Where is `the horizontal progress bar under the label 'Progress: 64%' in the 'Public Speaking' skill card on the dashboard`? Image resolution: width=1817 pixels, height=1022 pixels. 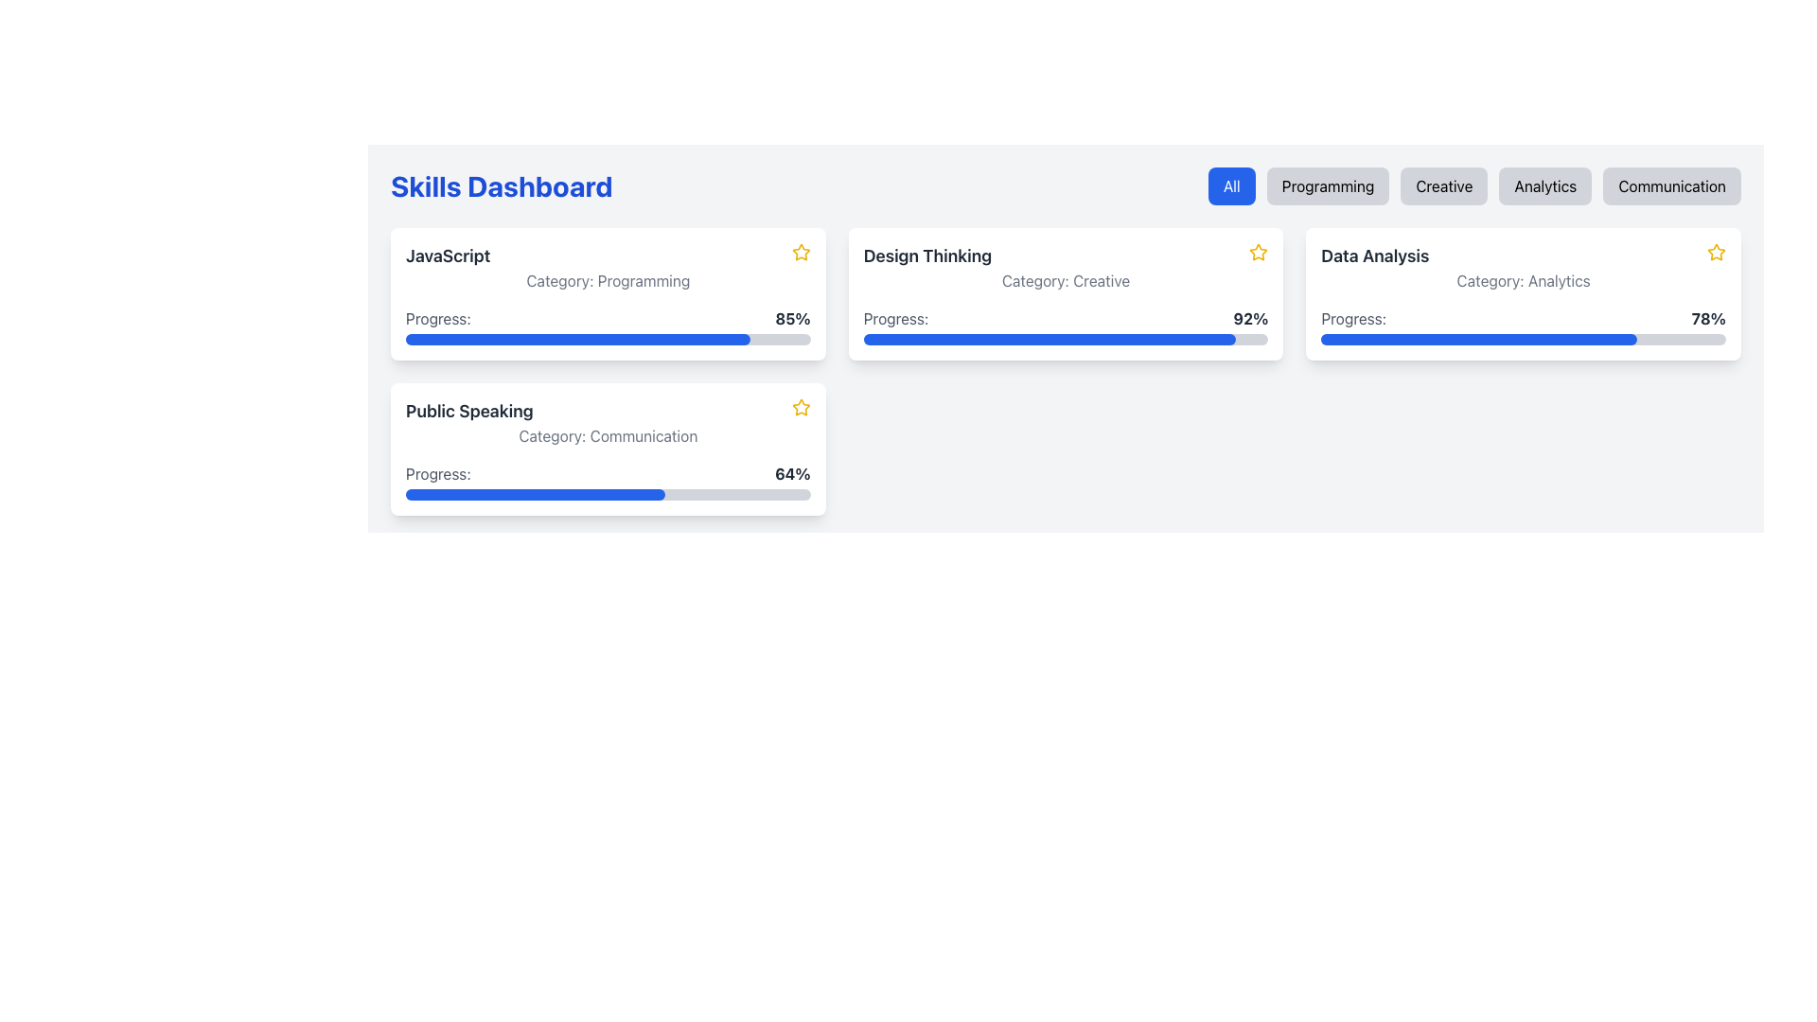 the horizontal progress bar under the label 'Progress: 64%' in the 'Public Speaking' skill card on the dashboard is located at coordinates (608, 494).